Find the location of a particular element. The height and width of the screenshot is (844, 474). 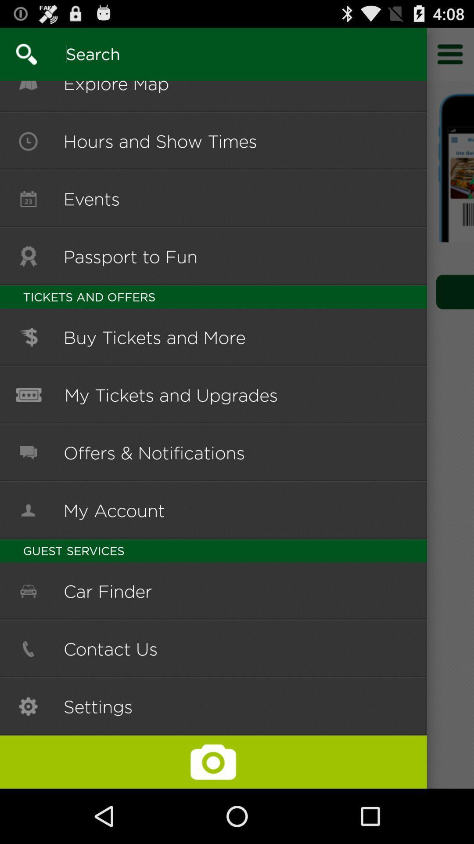

search is located at coordinates (208, 54).